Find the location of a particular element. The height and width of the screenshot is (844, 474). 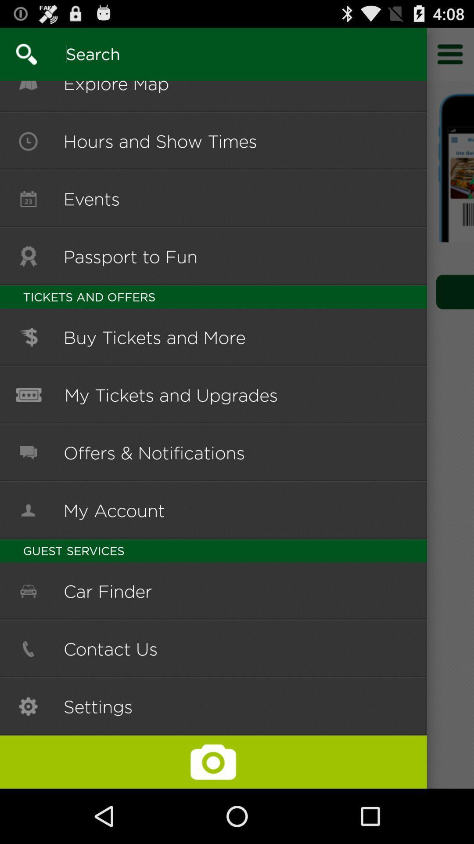

search is located at coordinates (208, 54).